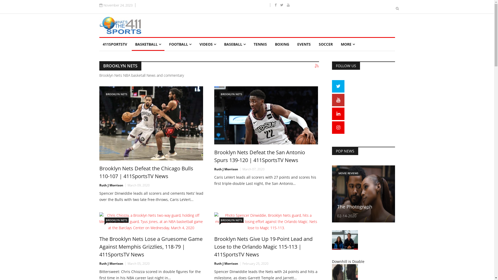 The image size is (498, 280). What do you see at coordinates (110, 185) in the screenshot?
I see `'Ruth J Morrison'` at bounding box center [110, 185].